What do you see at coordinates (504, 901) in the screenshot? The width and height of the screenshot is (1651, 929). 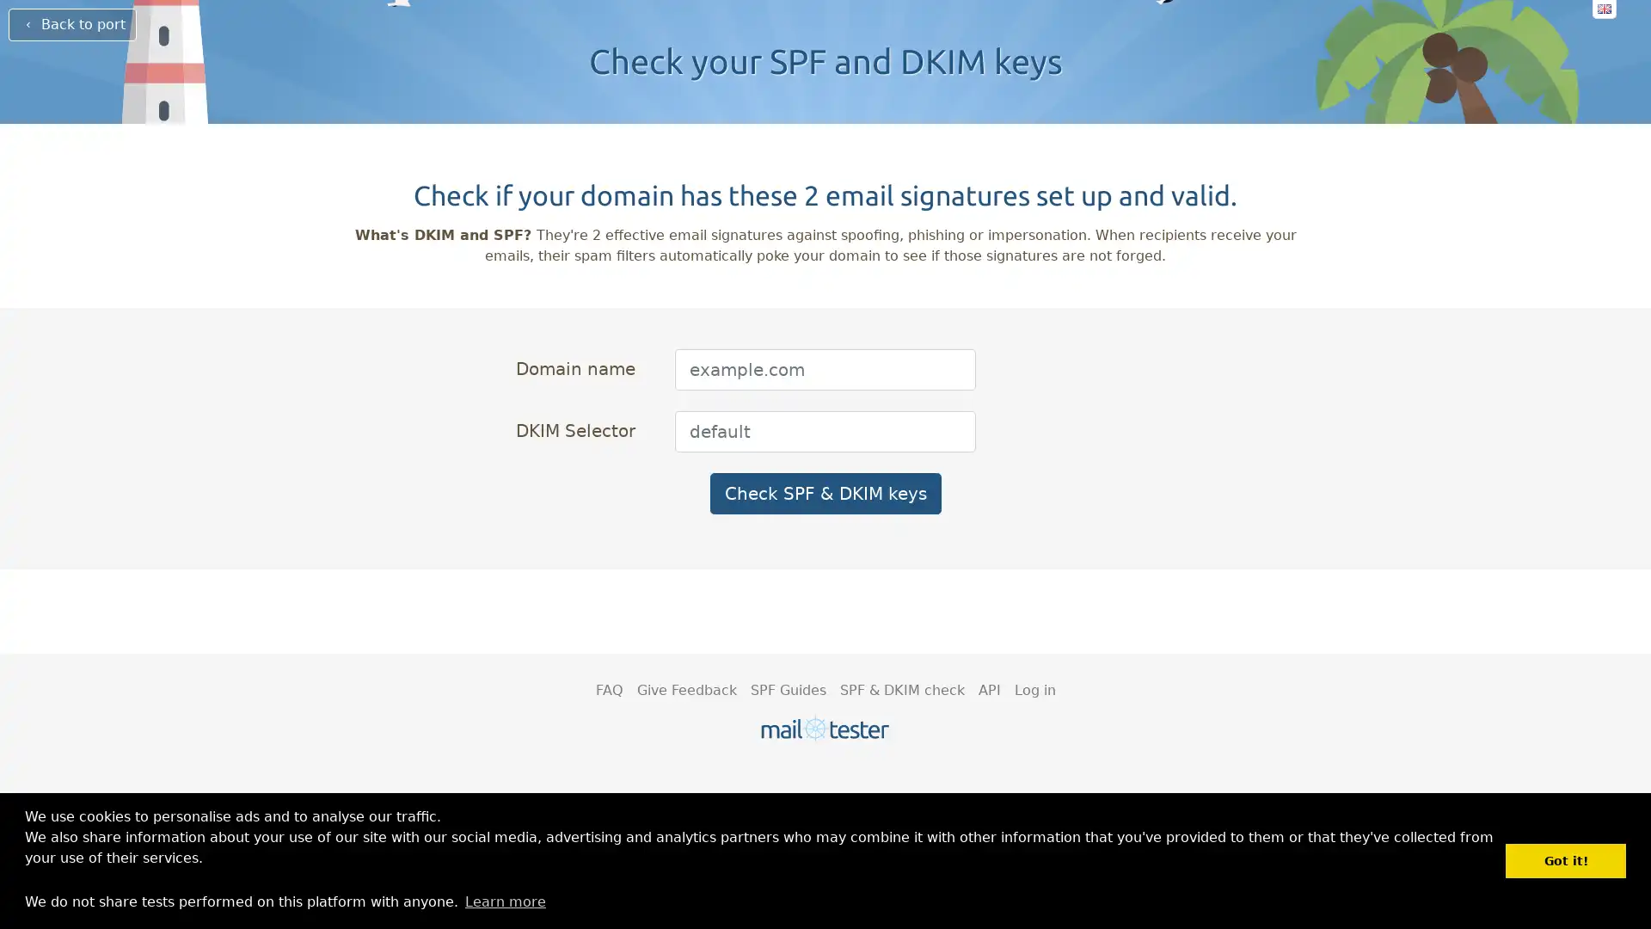 I see `learn more about cookies` at bounding box center [504, 901].